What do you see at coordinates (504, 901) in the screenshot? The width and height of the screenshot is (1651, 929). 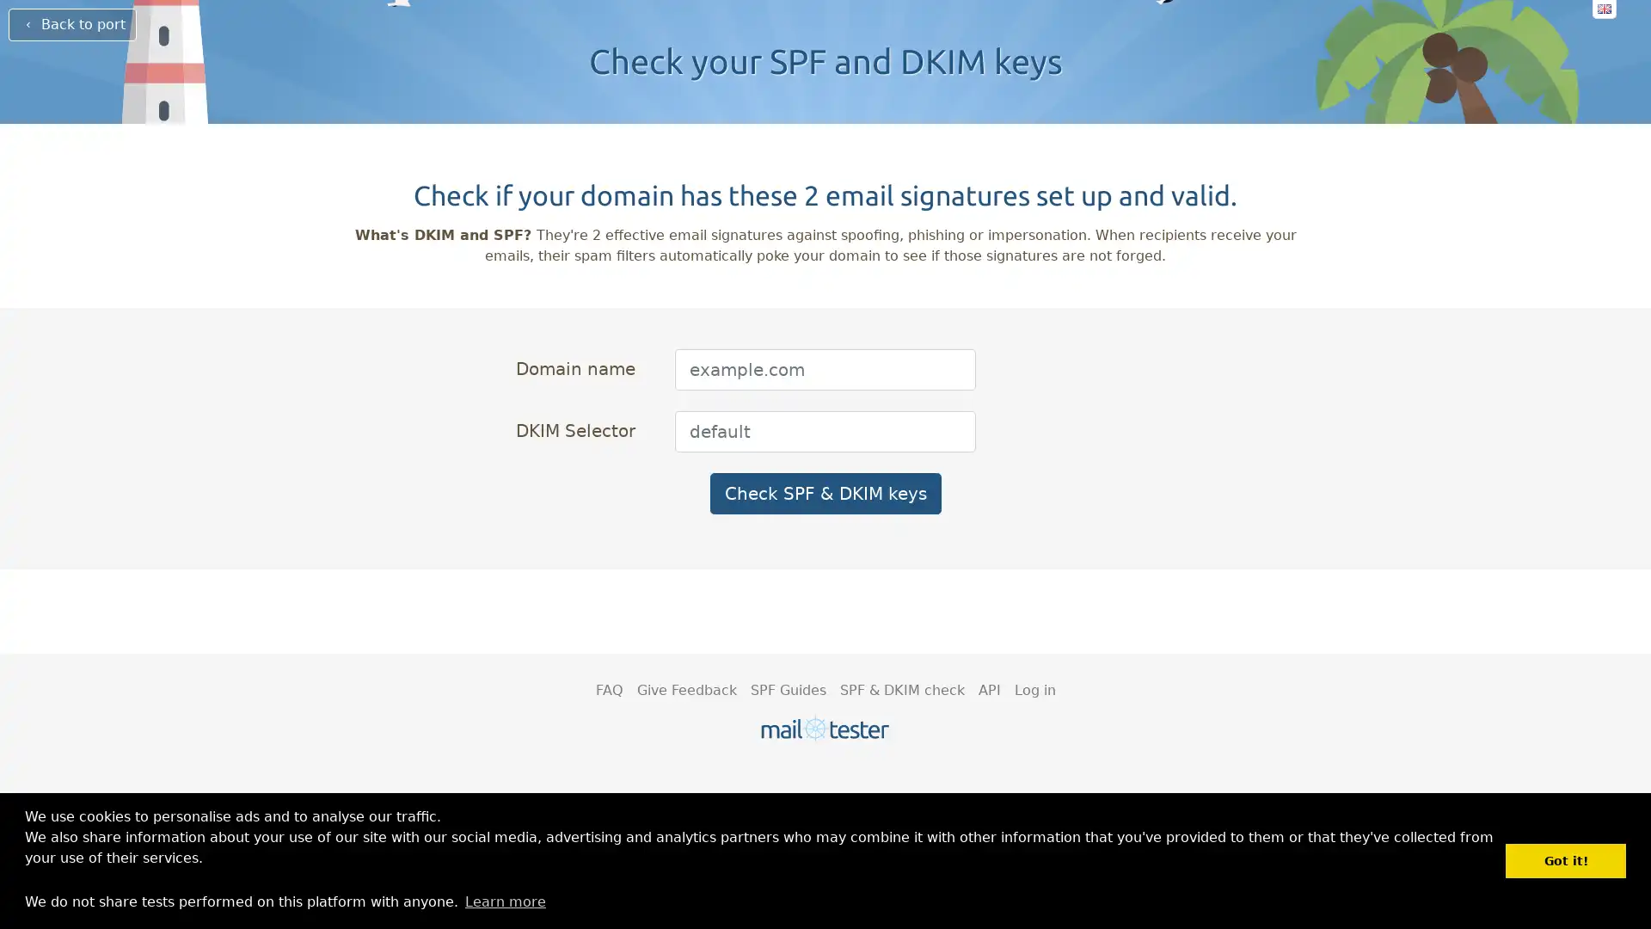 I see `learn more about cookies` at bounding box center [504, 901].